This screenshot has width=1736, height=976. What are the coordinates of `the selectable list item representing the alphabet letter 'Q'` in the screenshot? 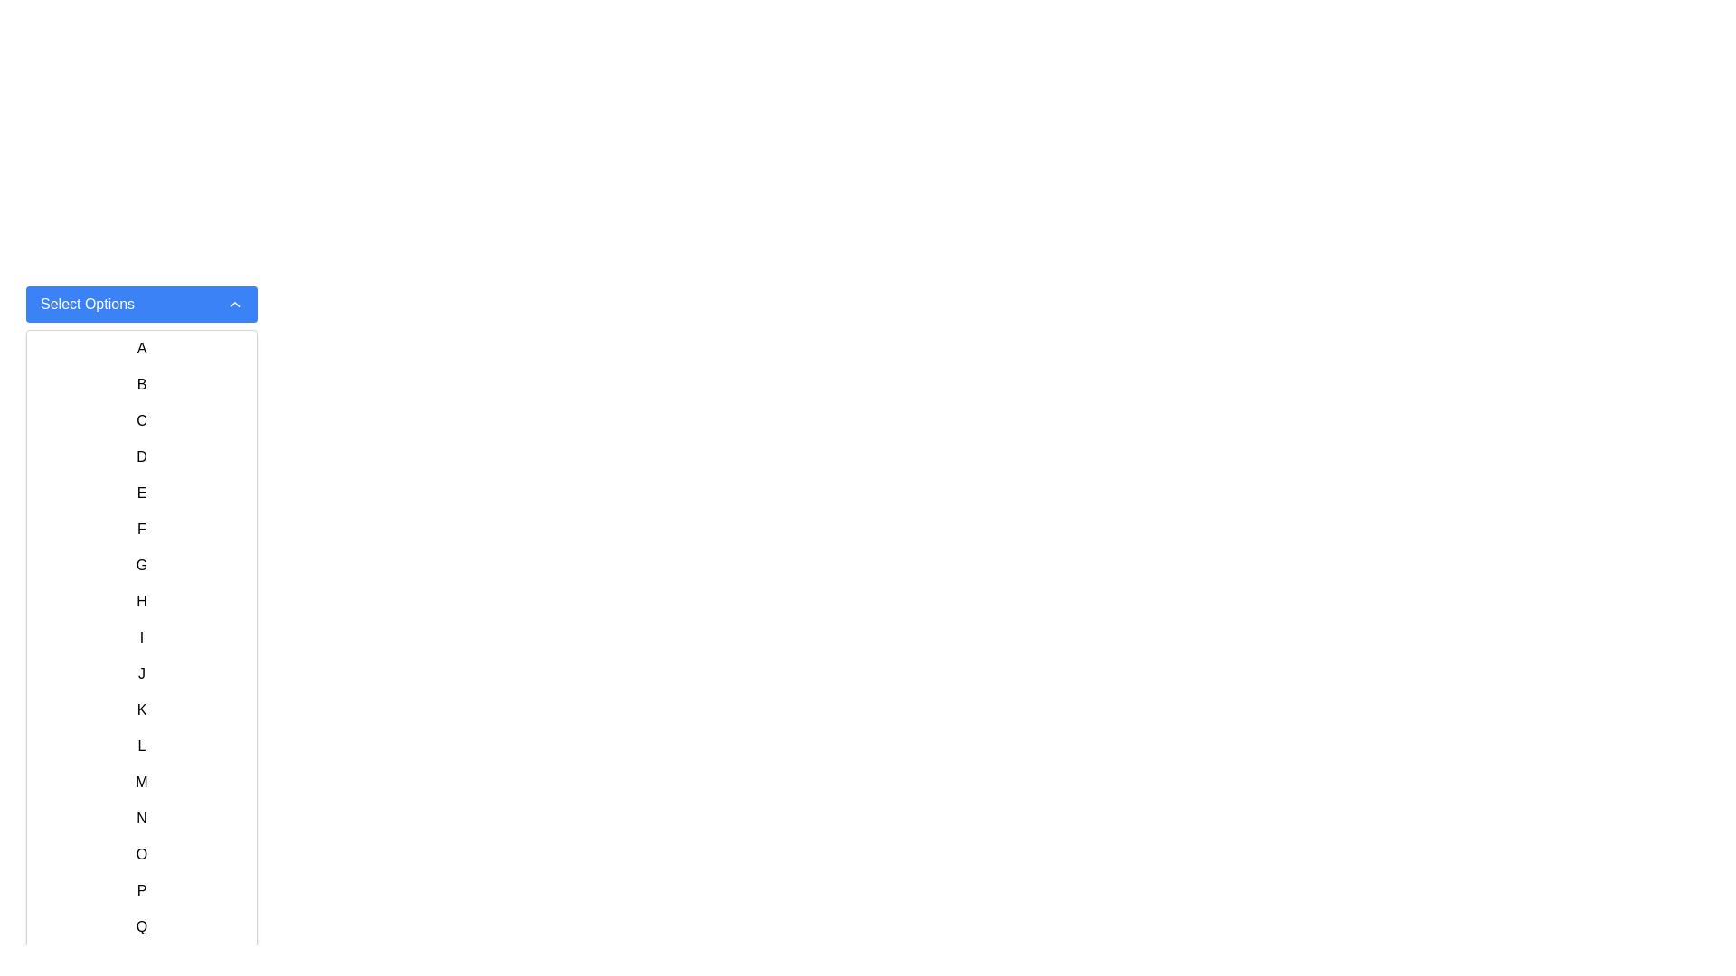 It's located at (141, 927).